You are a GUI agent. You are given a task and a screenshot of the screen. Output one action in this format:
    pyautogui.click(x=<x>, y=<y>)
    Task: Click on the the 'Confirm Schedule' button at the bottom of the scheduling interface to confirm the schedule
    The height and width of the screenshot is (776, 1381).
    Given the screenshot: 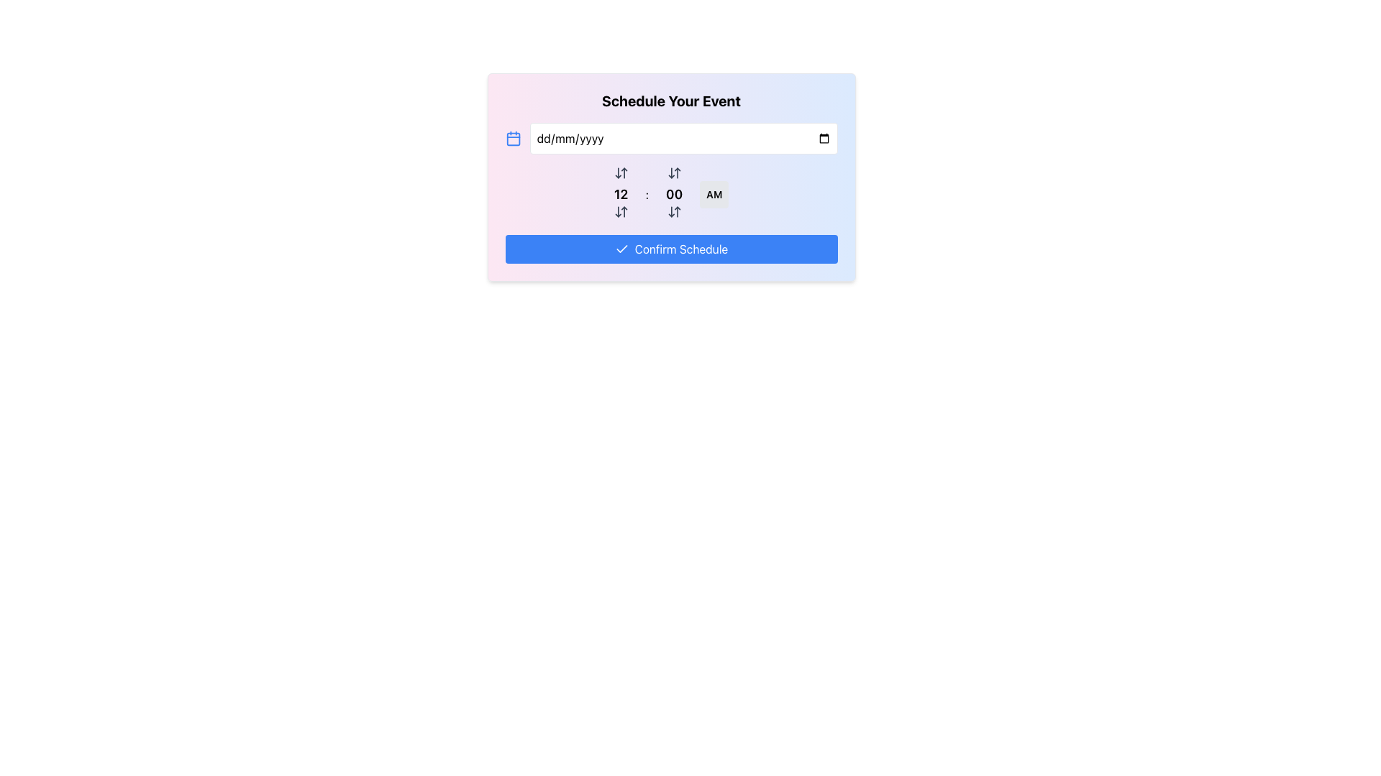 What is the action you would take?
    pyautogui.click(x=670, y=249)
    